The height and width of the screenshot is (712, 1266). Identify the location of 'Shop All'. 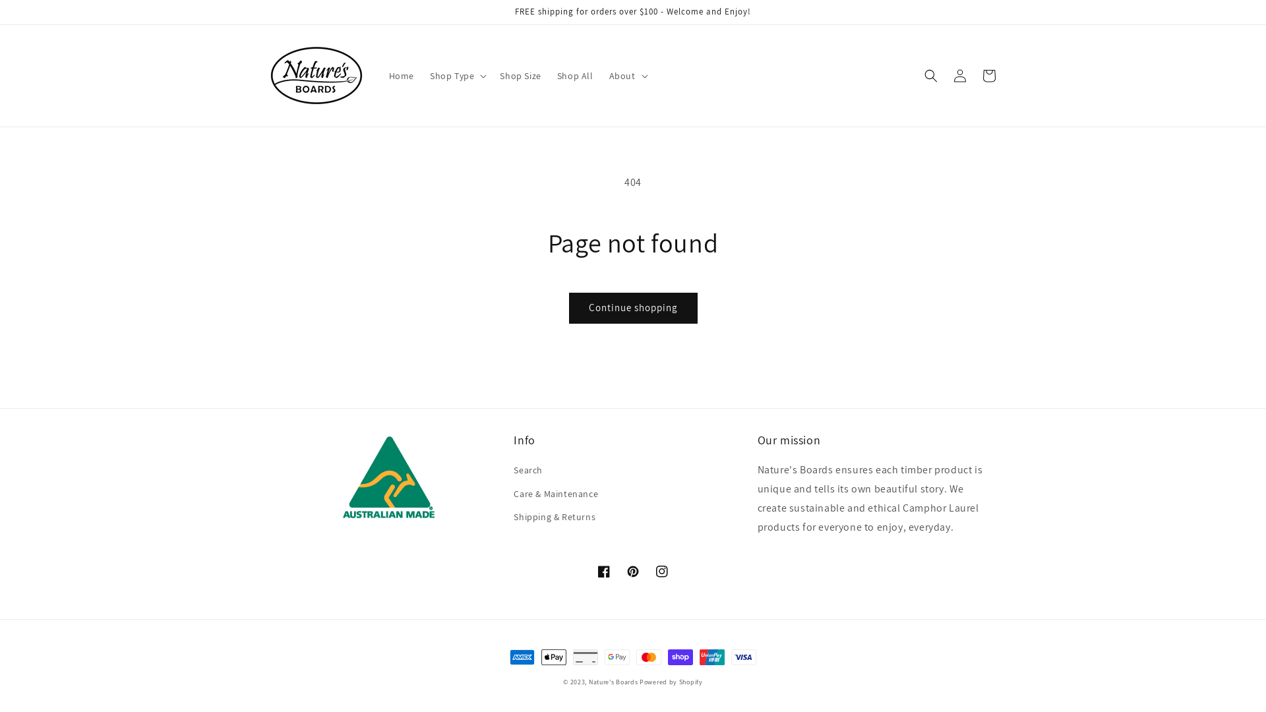
(575, 76).